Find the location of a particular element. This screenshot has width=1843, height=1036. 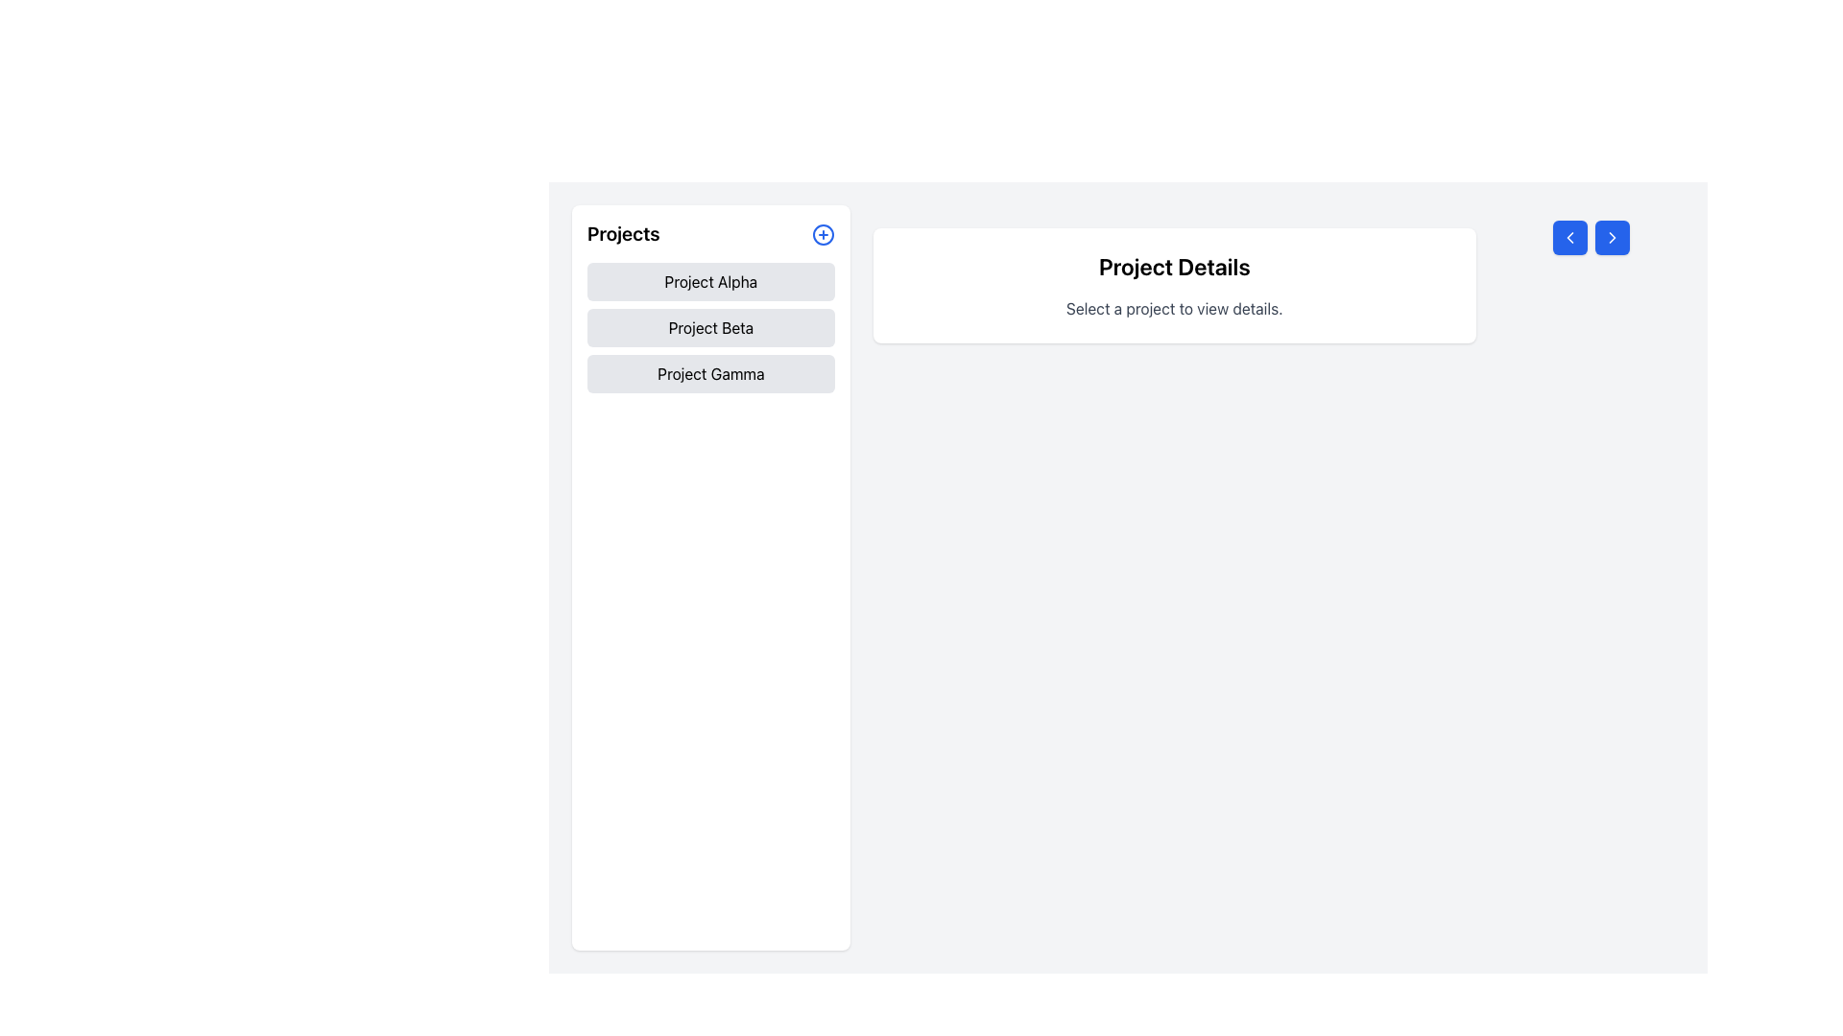

the button with a solid blue background and a white right-pointing chevron located at the top-right corner of the interface is located at coordinates (1613, 236).